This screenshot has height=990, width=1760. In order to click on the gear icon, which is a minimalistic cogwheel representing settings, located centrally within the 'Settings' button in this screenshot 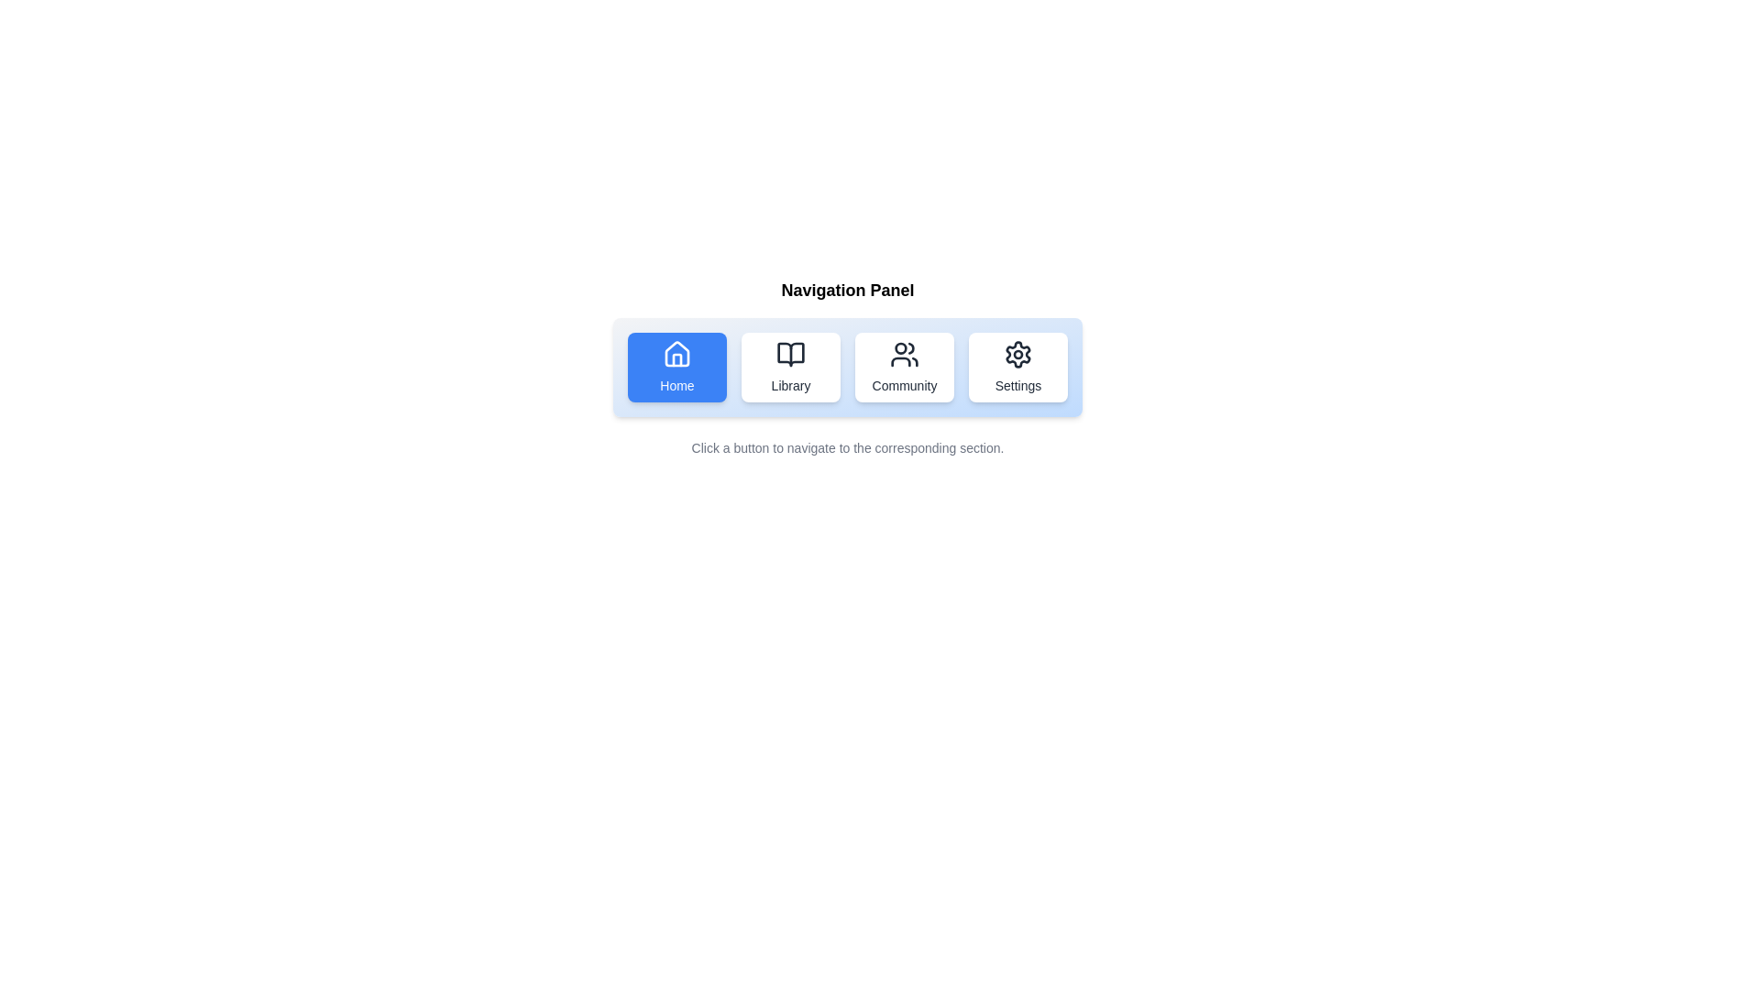, I will do `click(1017, 354)`.